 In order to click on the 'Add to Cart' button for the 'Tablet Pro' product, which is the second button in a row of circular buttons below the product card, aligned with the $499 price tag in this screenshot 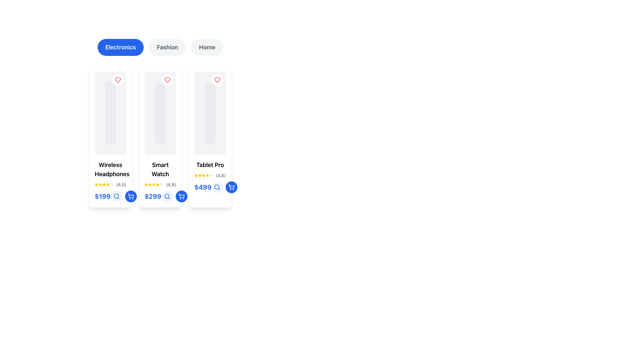, I will do `click(181, 196)`.